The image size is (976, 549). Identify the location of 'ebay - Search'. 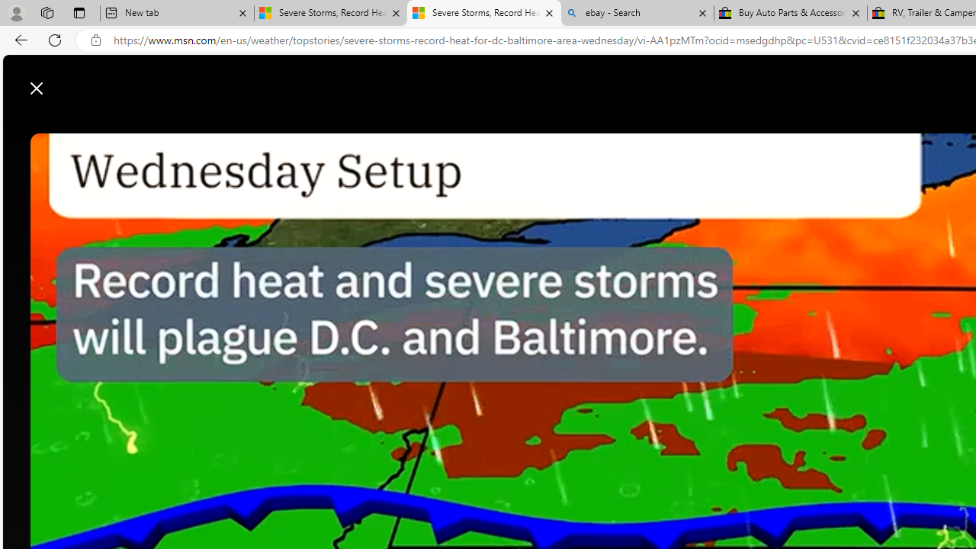
(637, 13).